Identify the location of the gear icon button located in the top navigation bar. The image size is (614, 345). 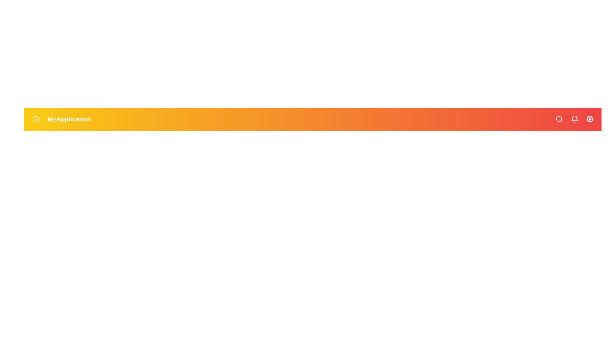
(589, 119).